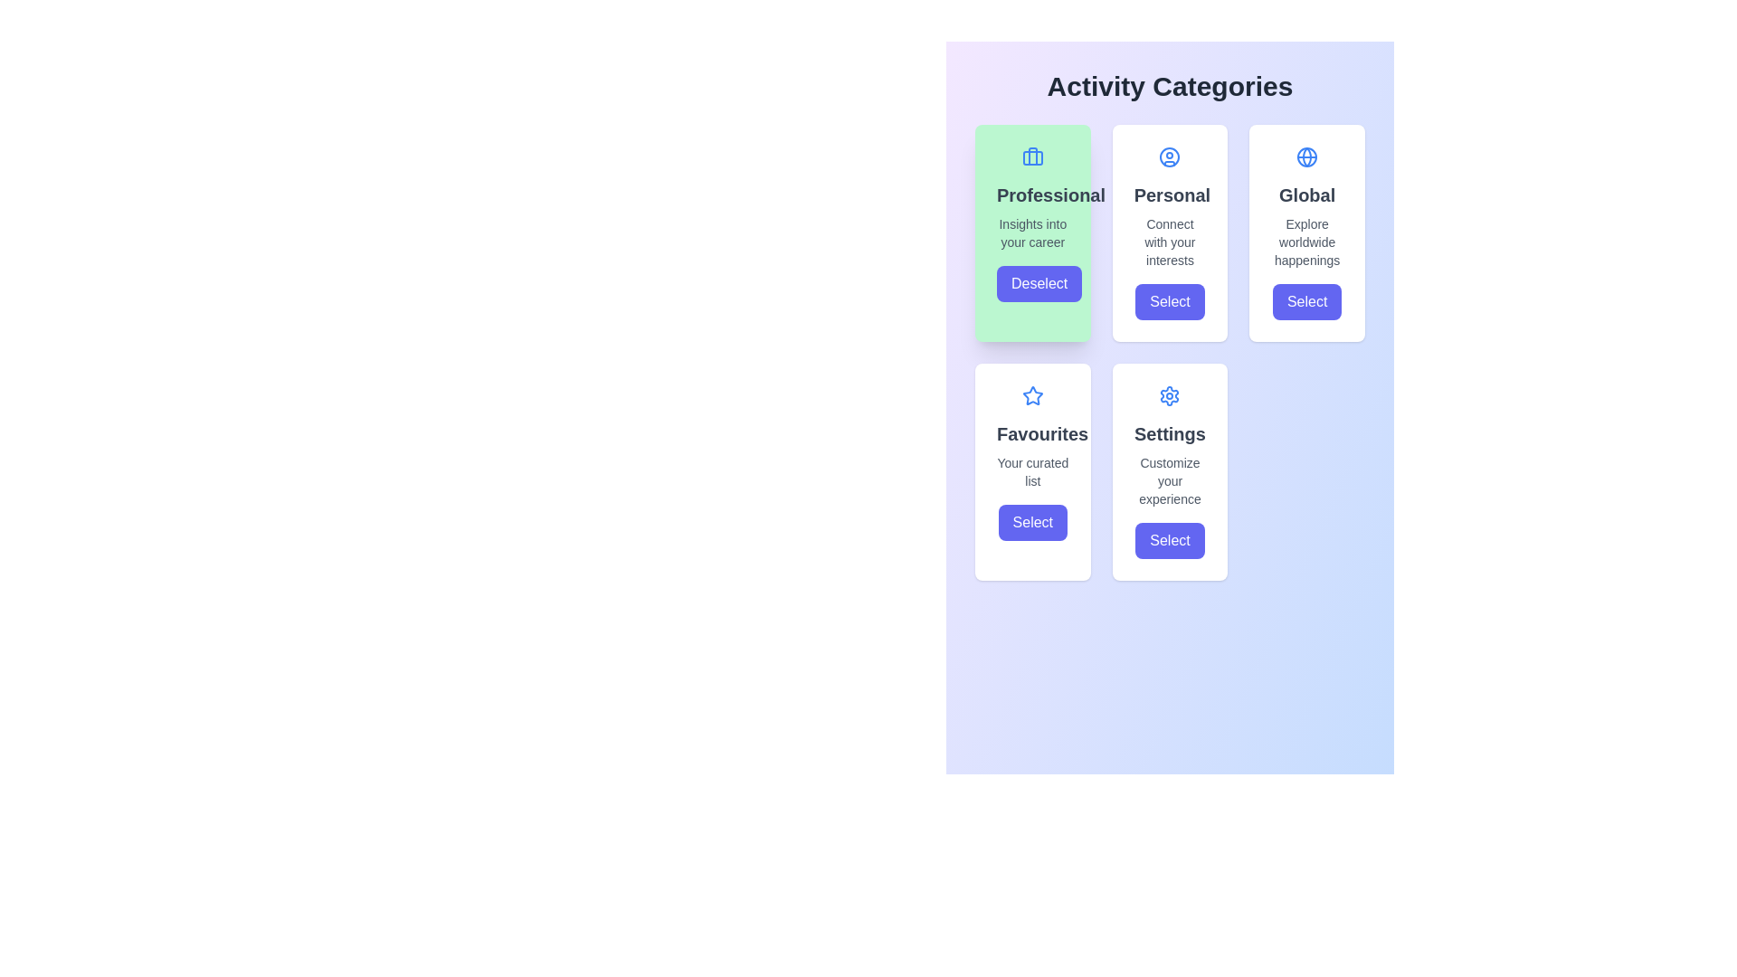 The width and height of the screenshot is (1737, 977). I want to click on the blue gear icon representing settings, located in the bottom-right section of the 'Settings' card, so click(1170, 395).